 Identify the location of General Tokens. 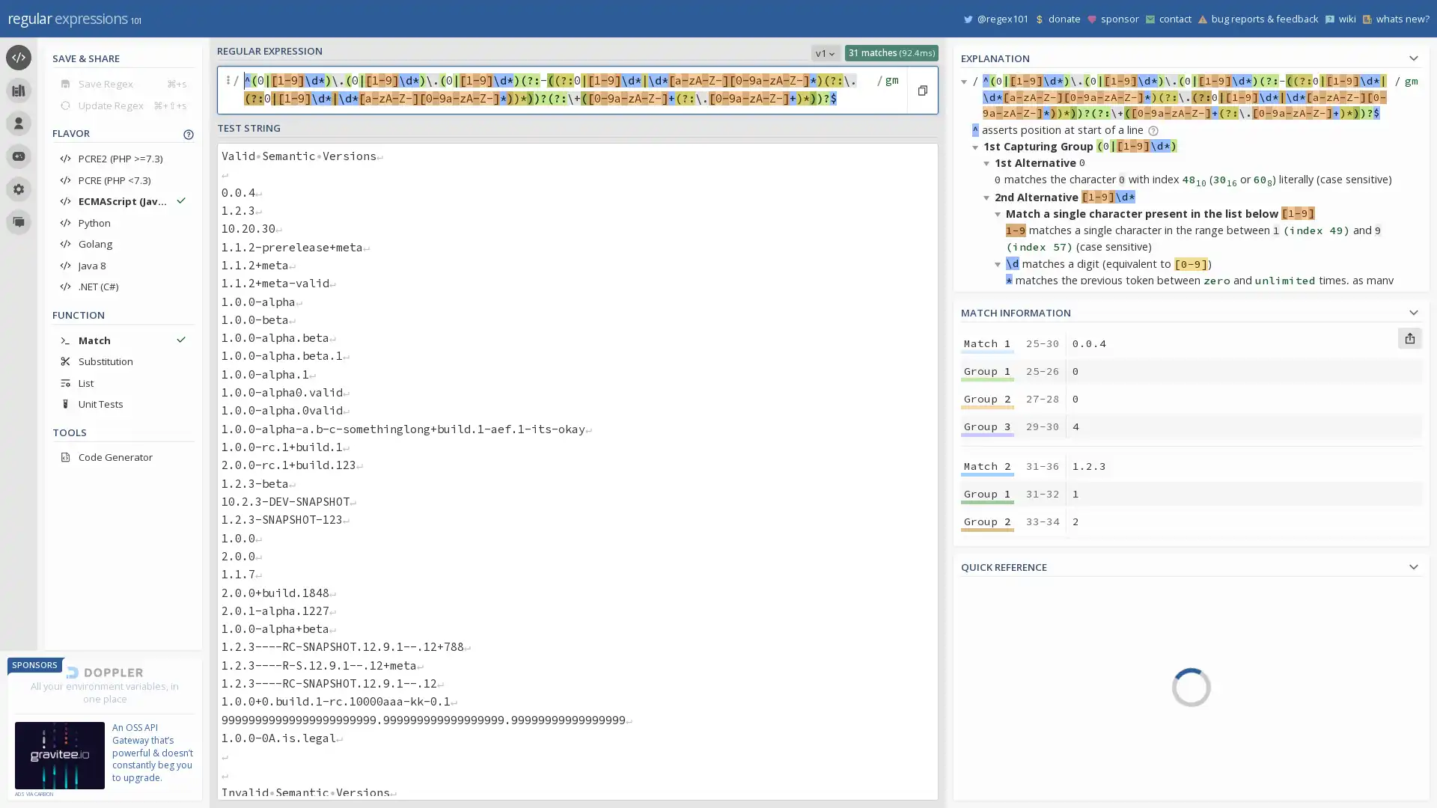
(1031, 663).